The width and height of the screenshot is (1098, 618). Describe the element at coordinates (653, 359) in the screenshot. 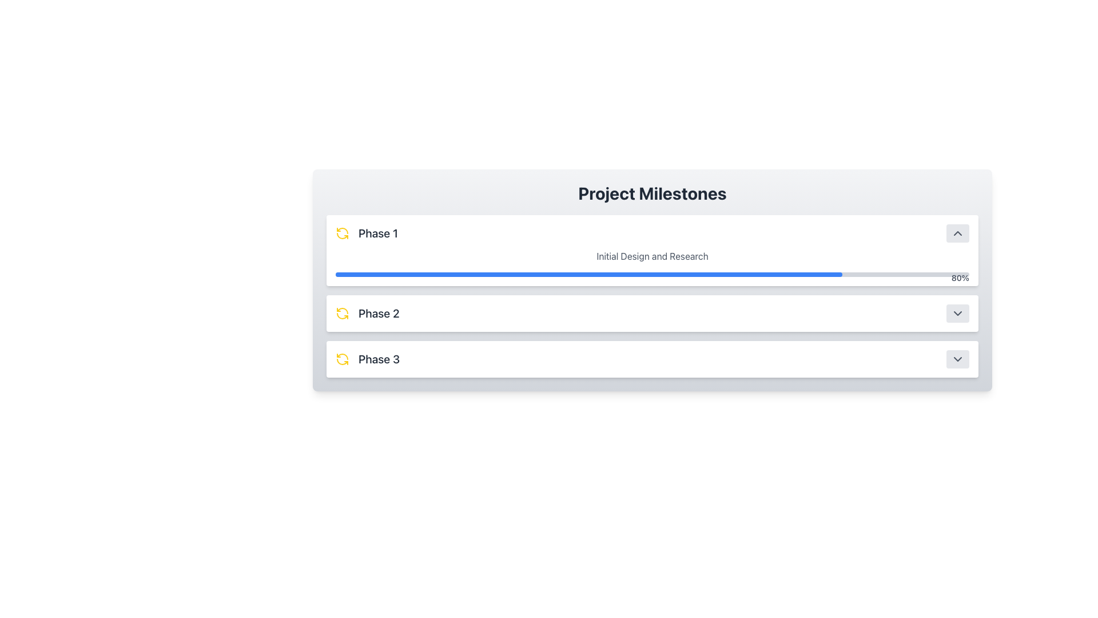

I see `the third milestone phase indicator in the project progress tracker` at that location.